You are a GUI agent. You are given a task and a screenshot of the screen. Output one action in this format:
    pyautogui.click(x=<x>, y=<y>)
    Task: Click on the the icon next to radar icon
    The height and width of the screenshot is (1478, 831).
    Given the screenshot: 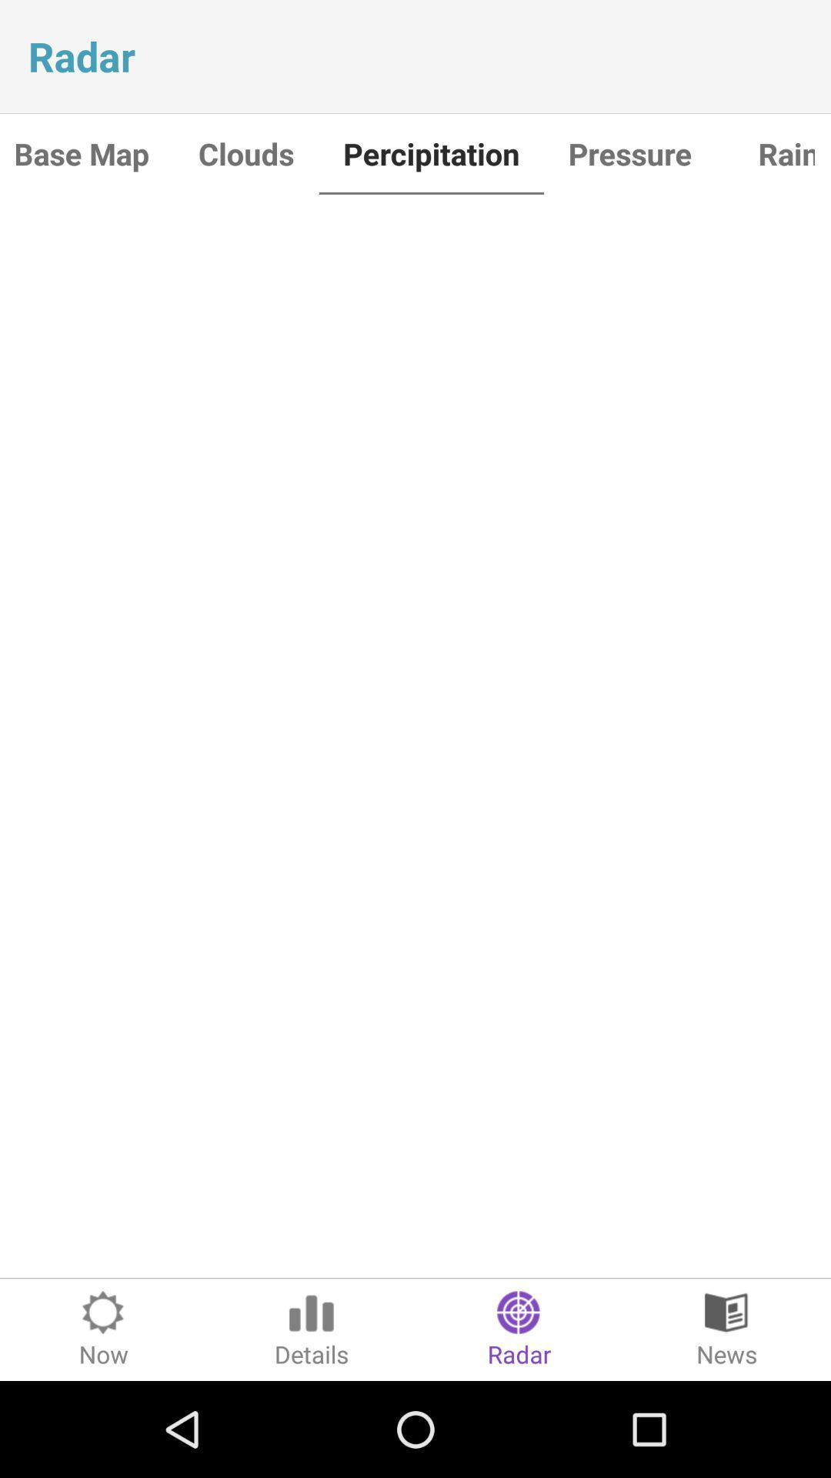 What is the action you would take?
    pyautogui.click(x=727, y=1329)
    